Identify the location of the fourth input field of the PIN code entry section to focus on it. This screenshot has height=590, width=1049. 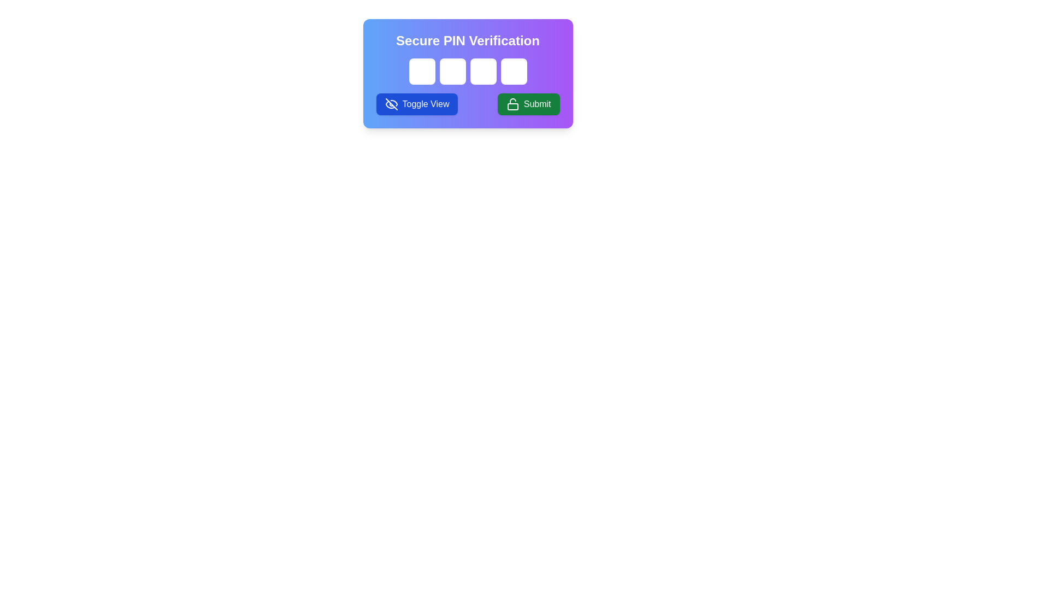
(513, 72).